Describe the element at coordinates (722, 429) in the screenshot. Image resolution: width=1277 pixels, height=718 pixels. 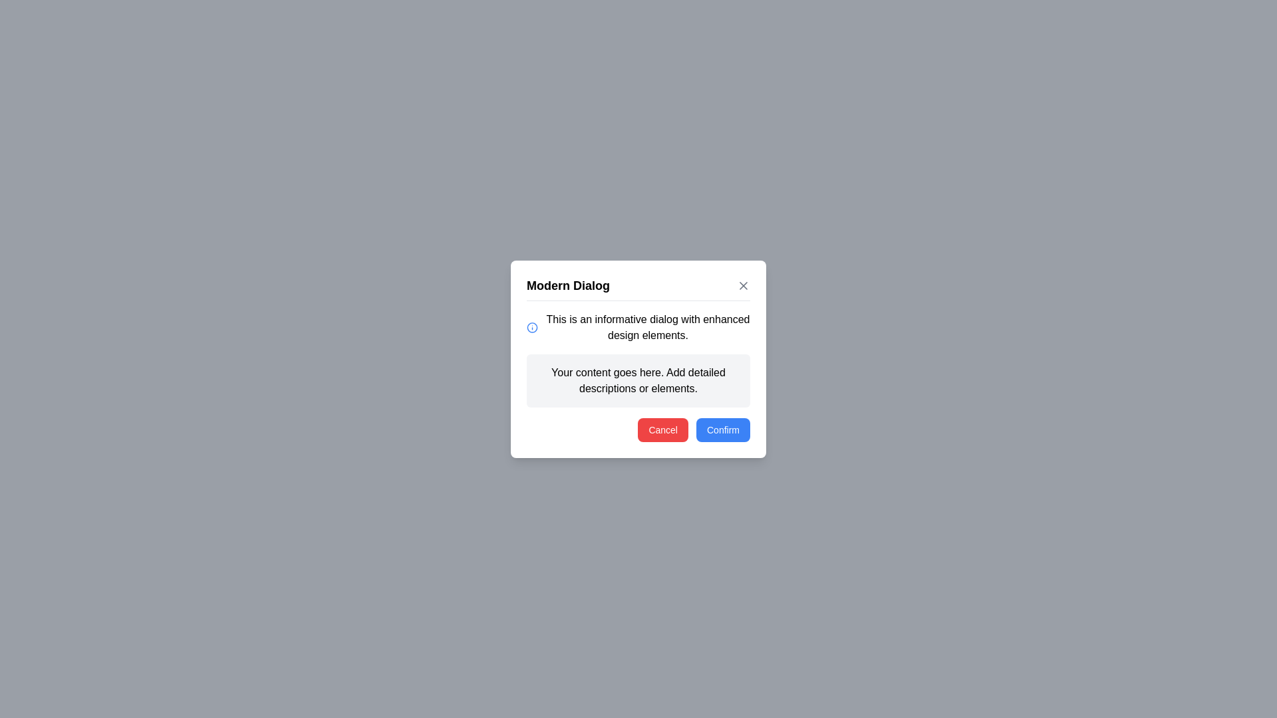
I see `the 'Confirm' button, which is a rectangular button with a blue background and white bold text, located at the bottom-right corner of the dialog box` at that location.